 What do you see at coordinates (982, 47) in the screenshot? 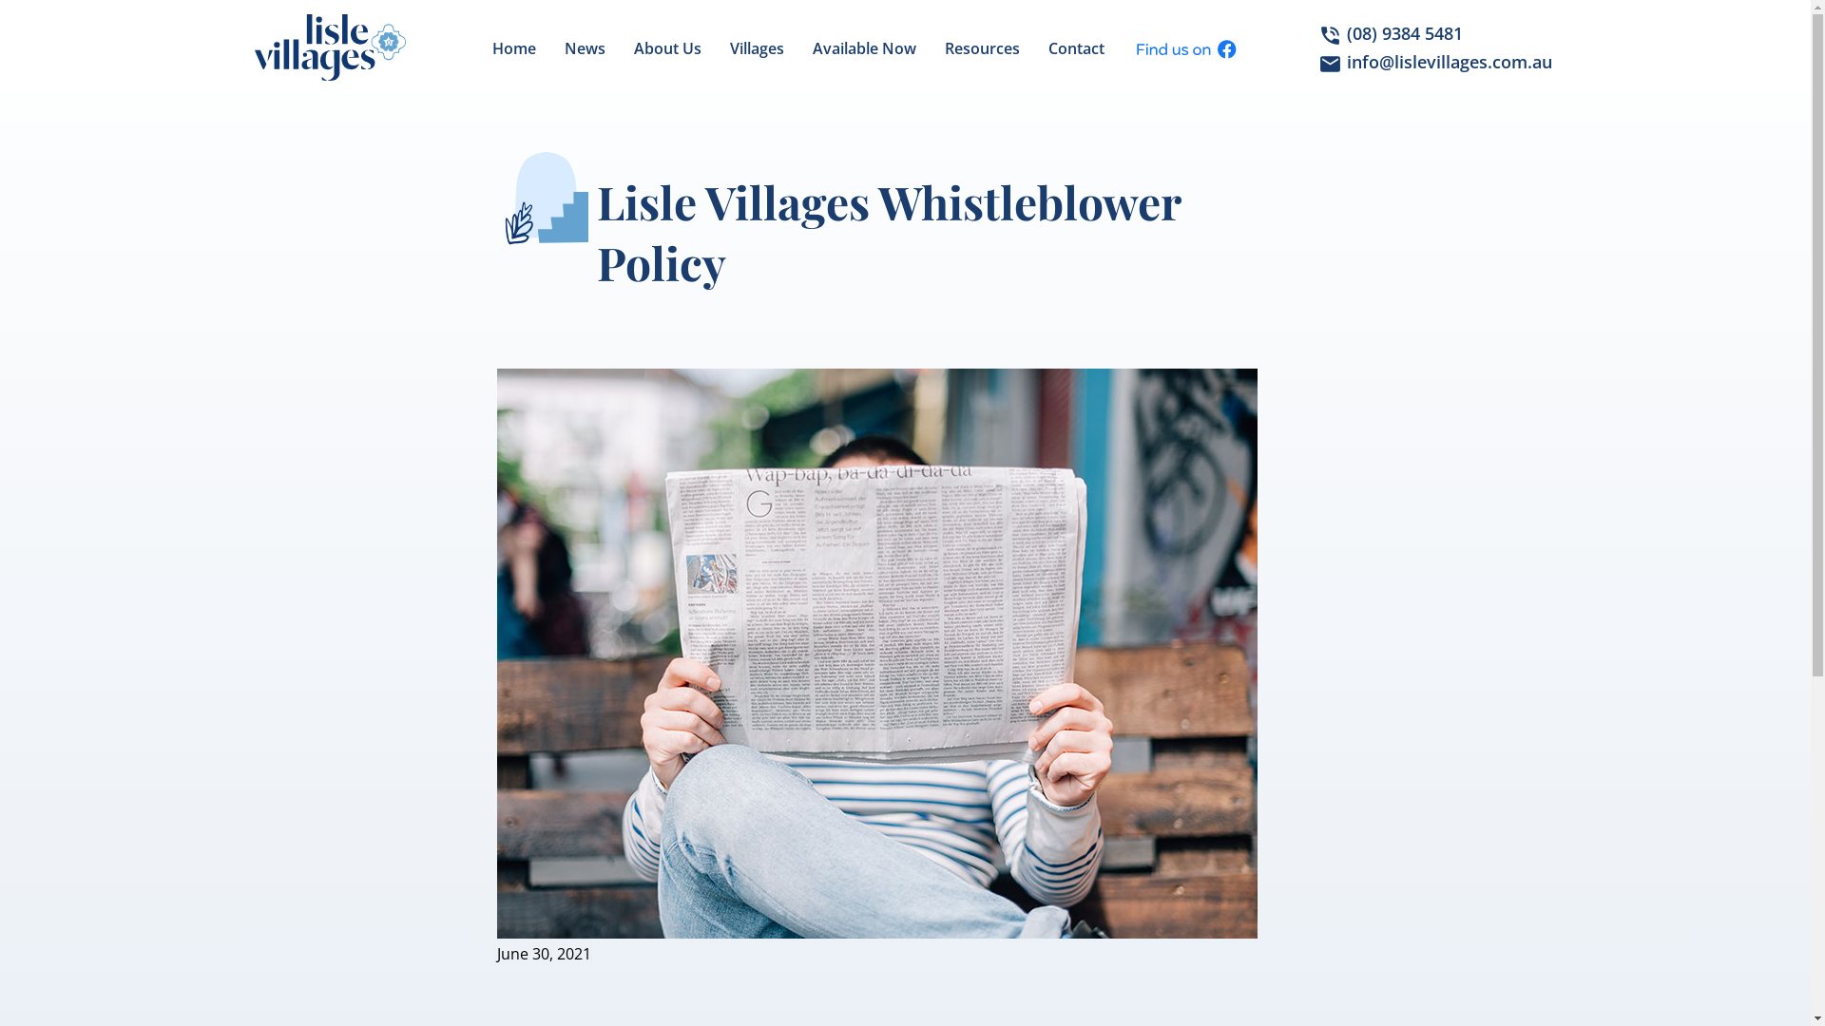
I see `'Resources'` at bounding box center [982, 47].